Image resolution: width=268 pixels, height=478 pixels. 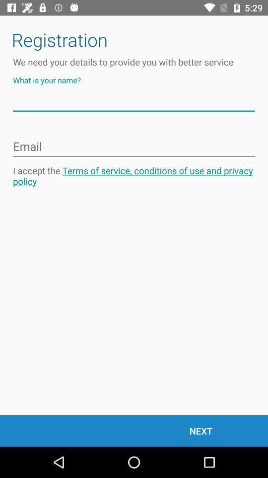 I want to click on your name, so click(x=134, y=102).